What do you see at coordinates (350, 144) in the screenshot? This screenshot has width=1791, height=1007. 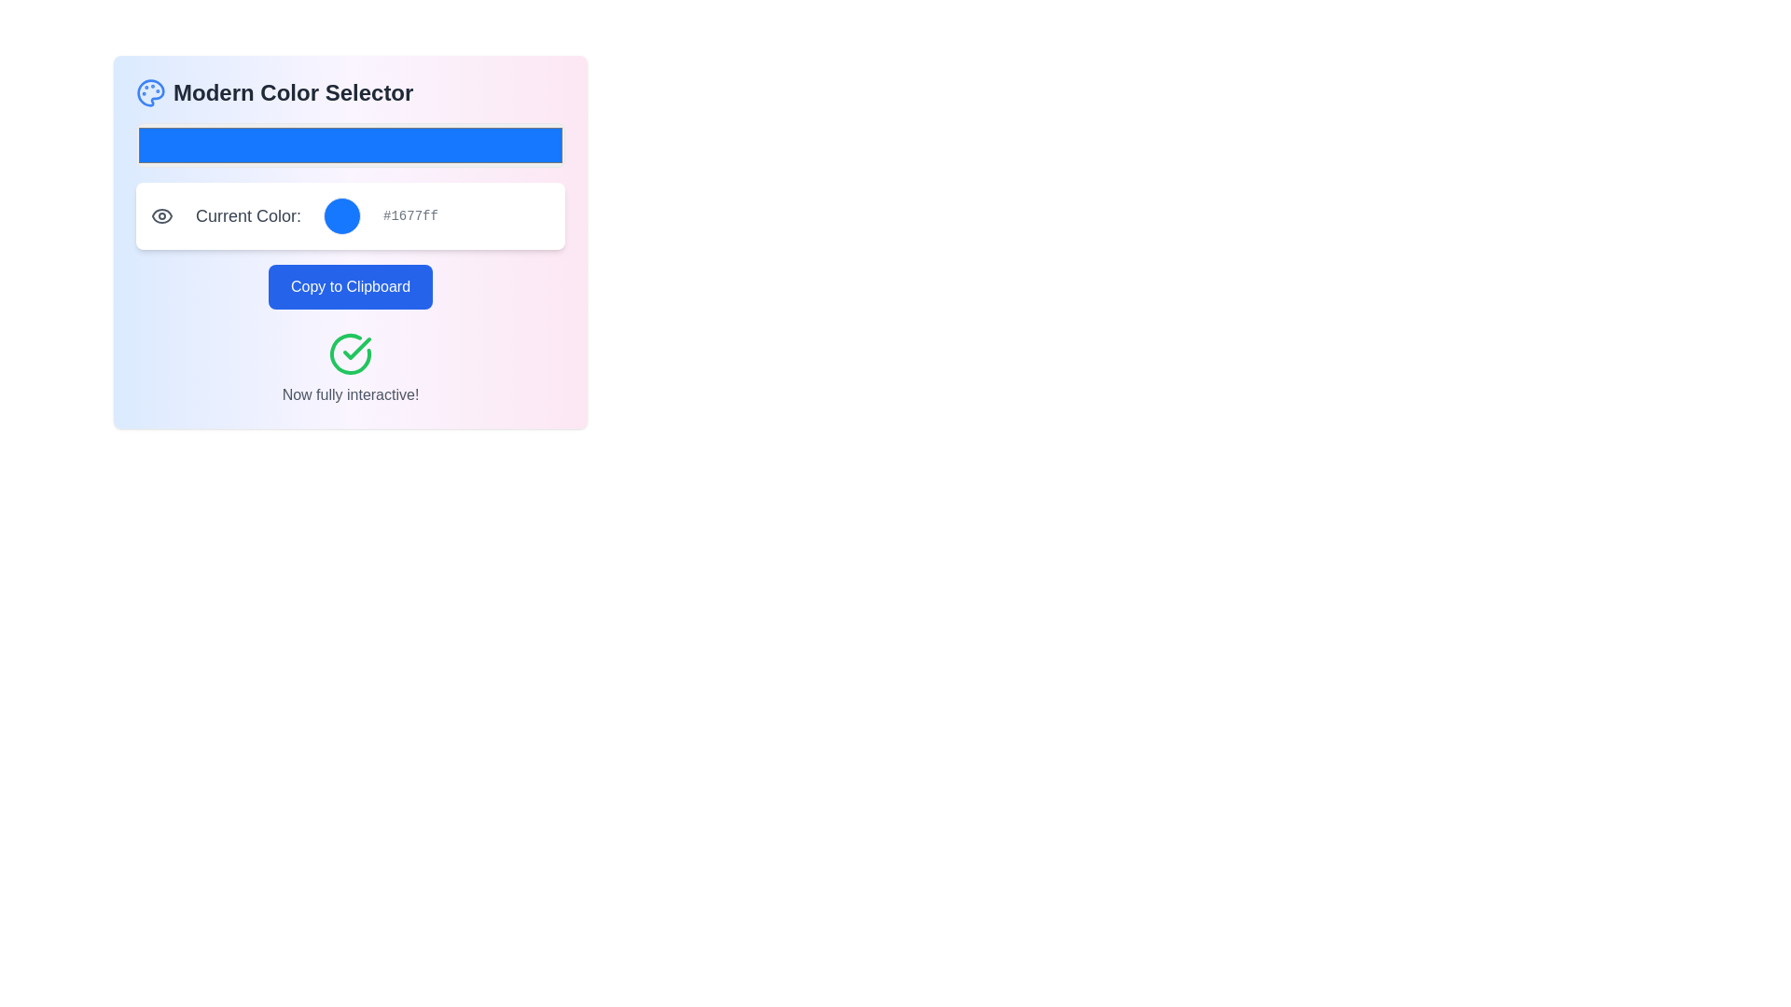 I see `the bright blue Color Picker Input element that shows 'Current Color: #1677ff'` at bounding box center [350, 144].